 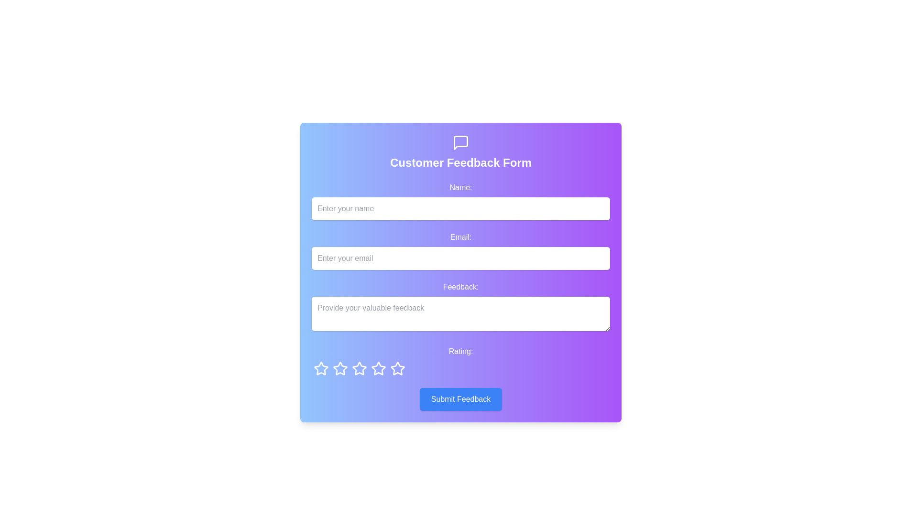 I want to click on the 'Submit Feedback' button, which is a rectangular button with rounded corners, displaying white text on a blue background, located centrally at the bottom of the feedback form, so click(x=461, y=399).